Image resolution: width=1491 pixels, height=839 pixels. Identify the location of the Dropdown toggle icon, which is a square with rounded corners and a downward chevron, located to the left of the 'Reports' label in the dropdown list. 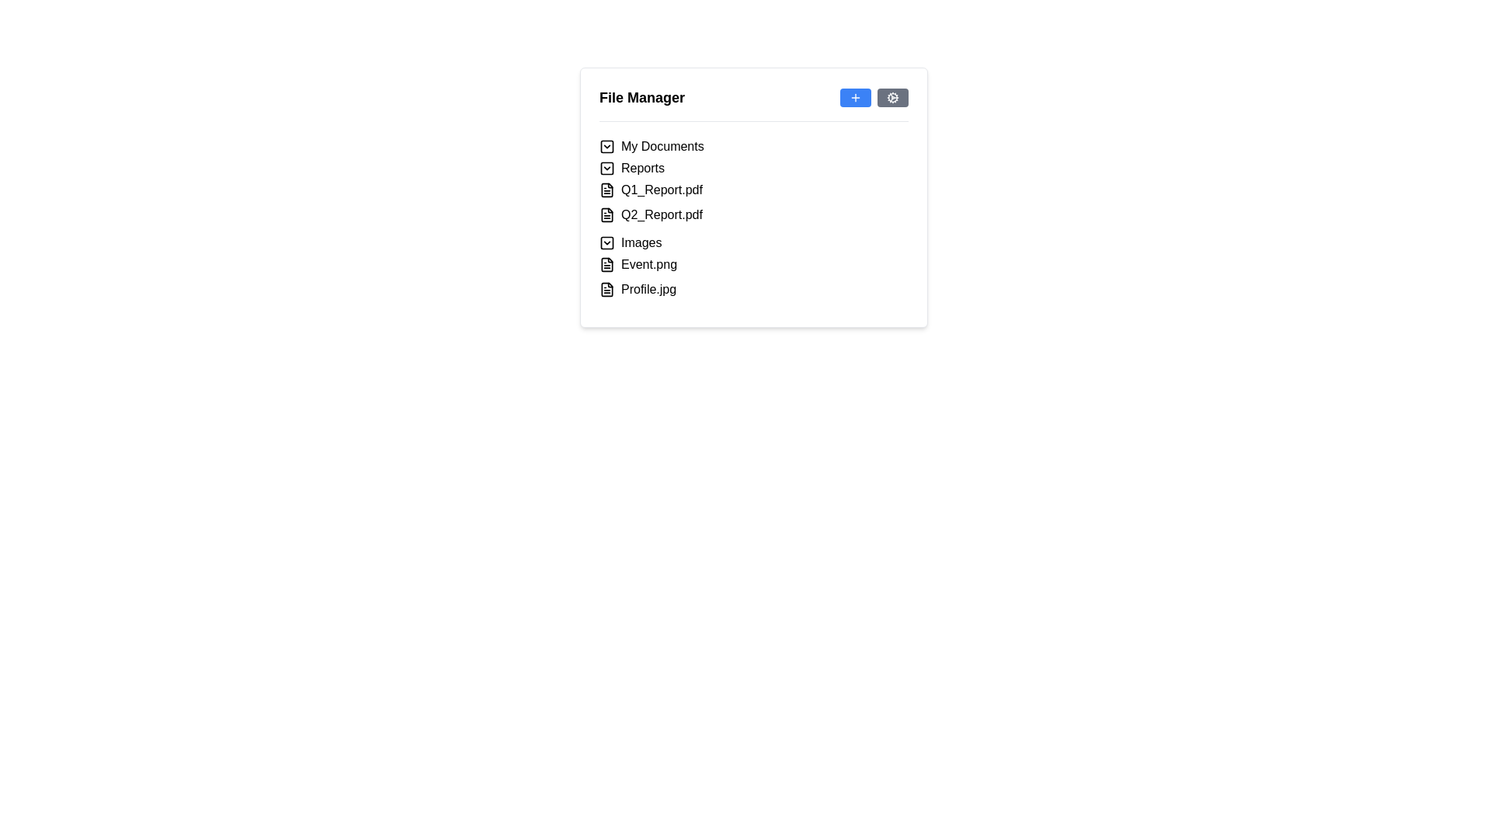
(606, 168).